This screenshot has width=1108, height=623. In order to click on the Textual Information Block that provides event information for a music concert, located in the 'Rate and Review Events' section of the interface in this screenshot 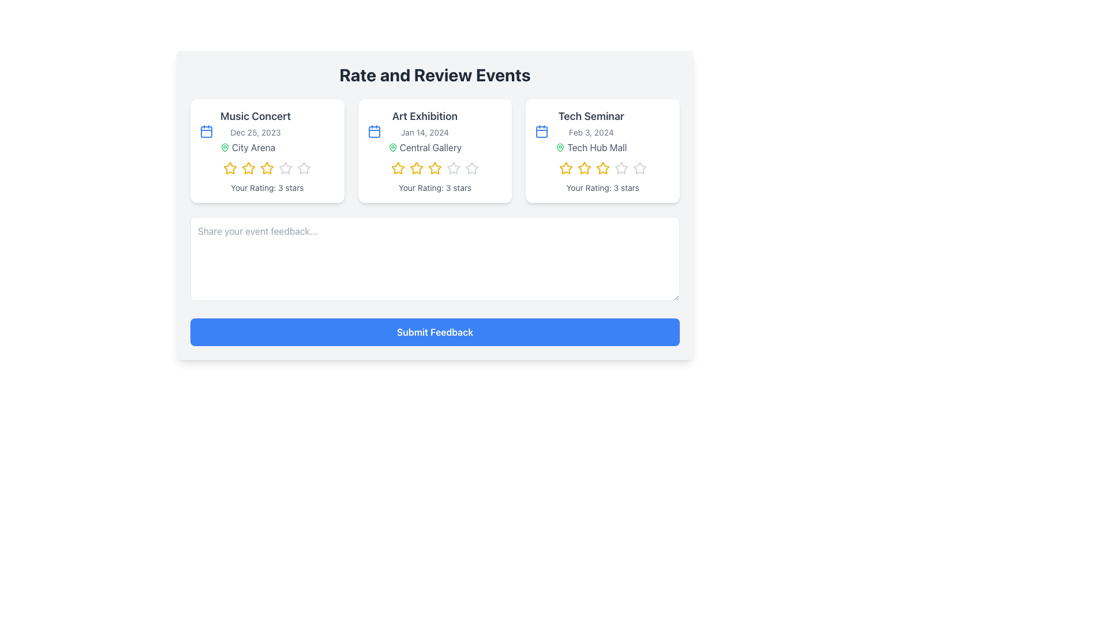, I will do `click(254, 130)`.